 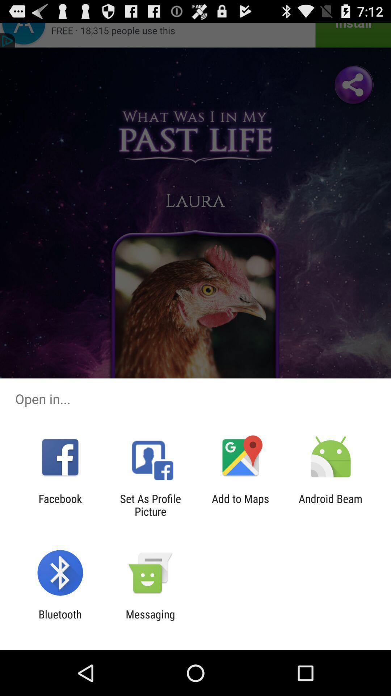 I want to click on the app to the left of android beam icon, so click(x=240, y=505).